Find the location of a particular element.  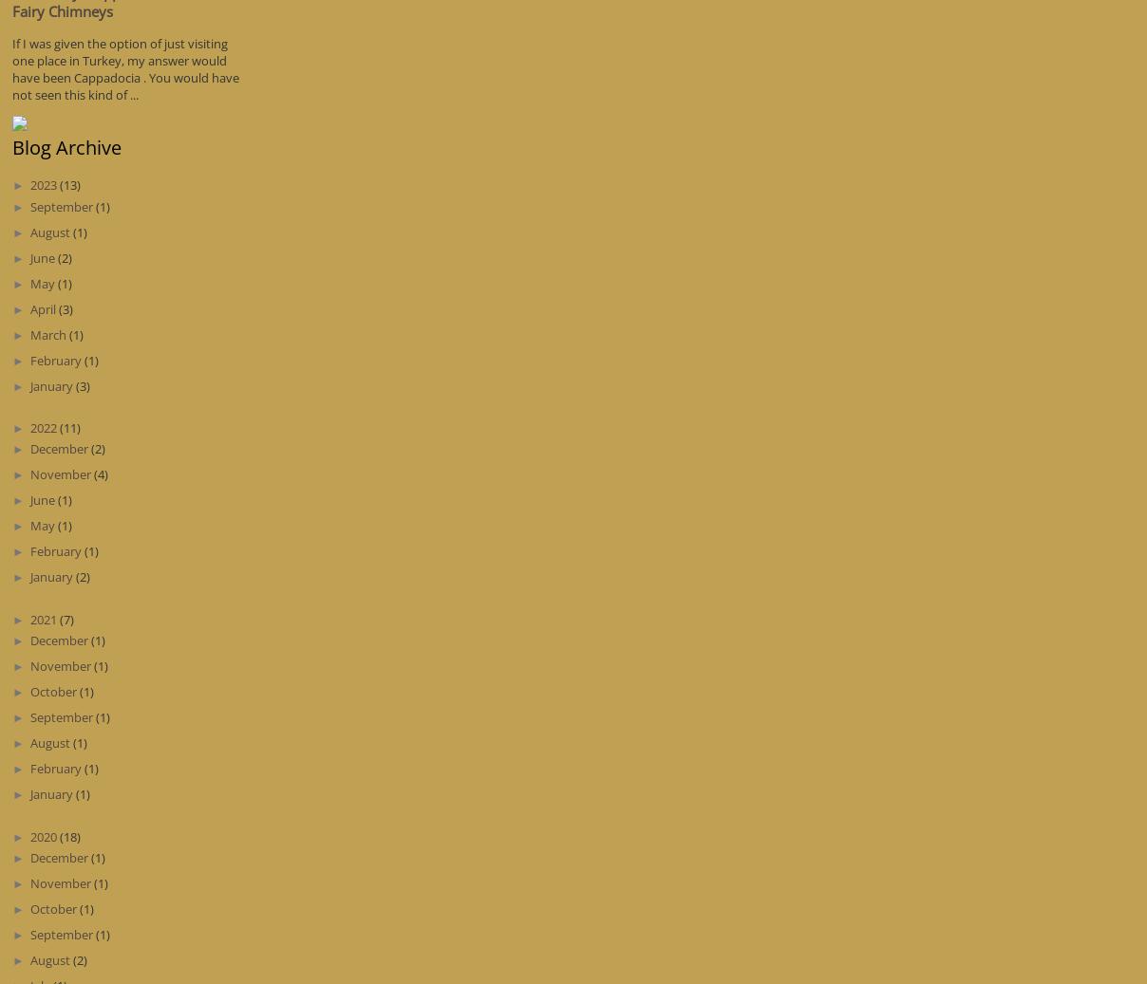

'(13)' is located at coordinates (57, 183).